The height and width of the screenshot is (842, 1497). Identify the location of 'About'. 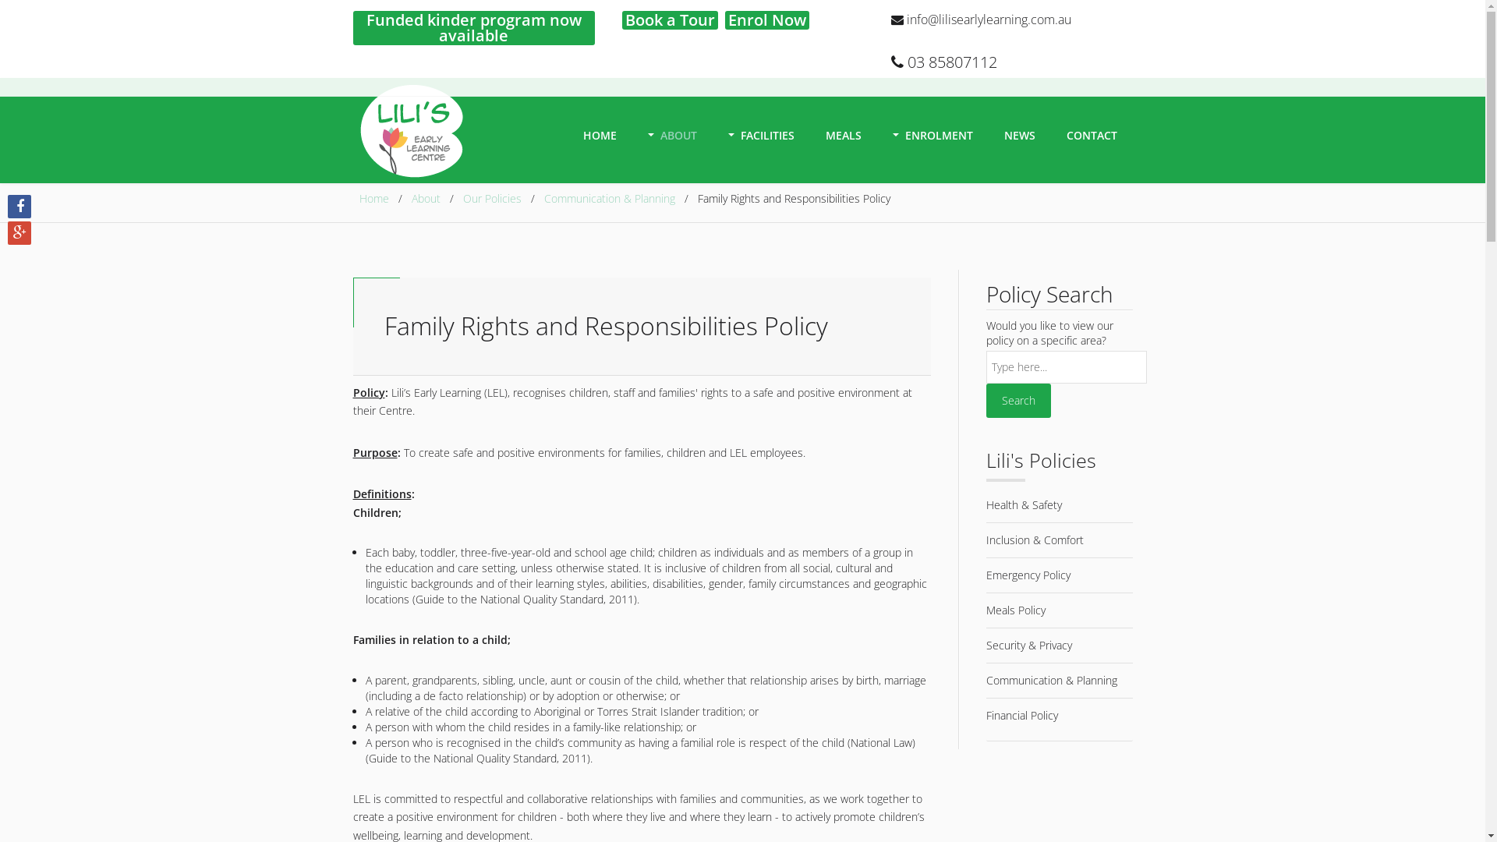
(426, 197).